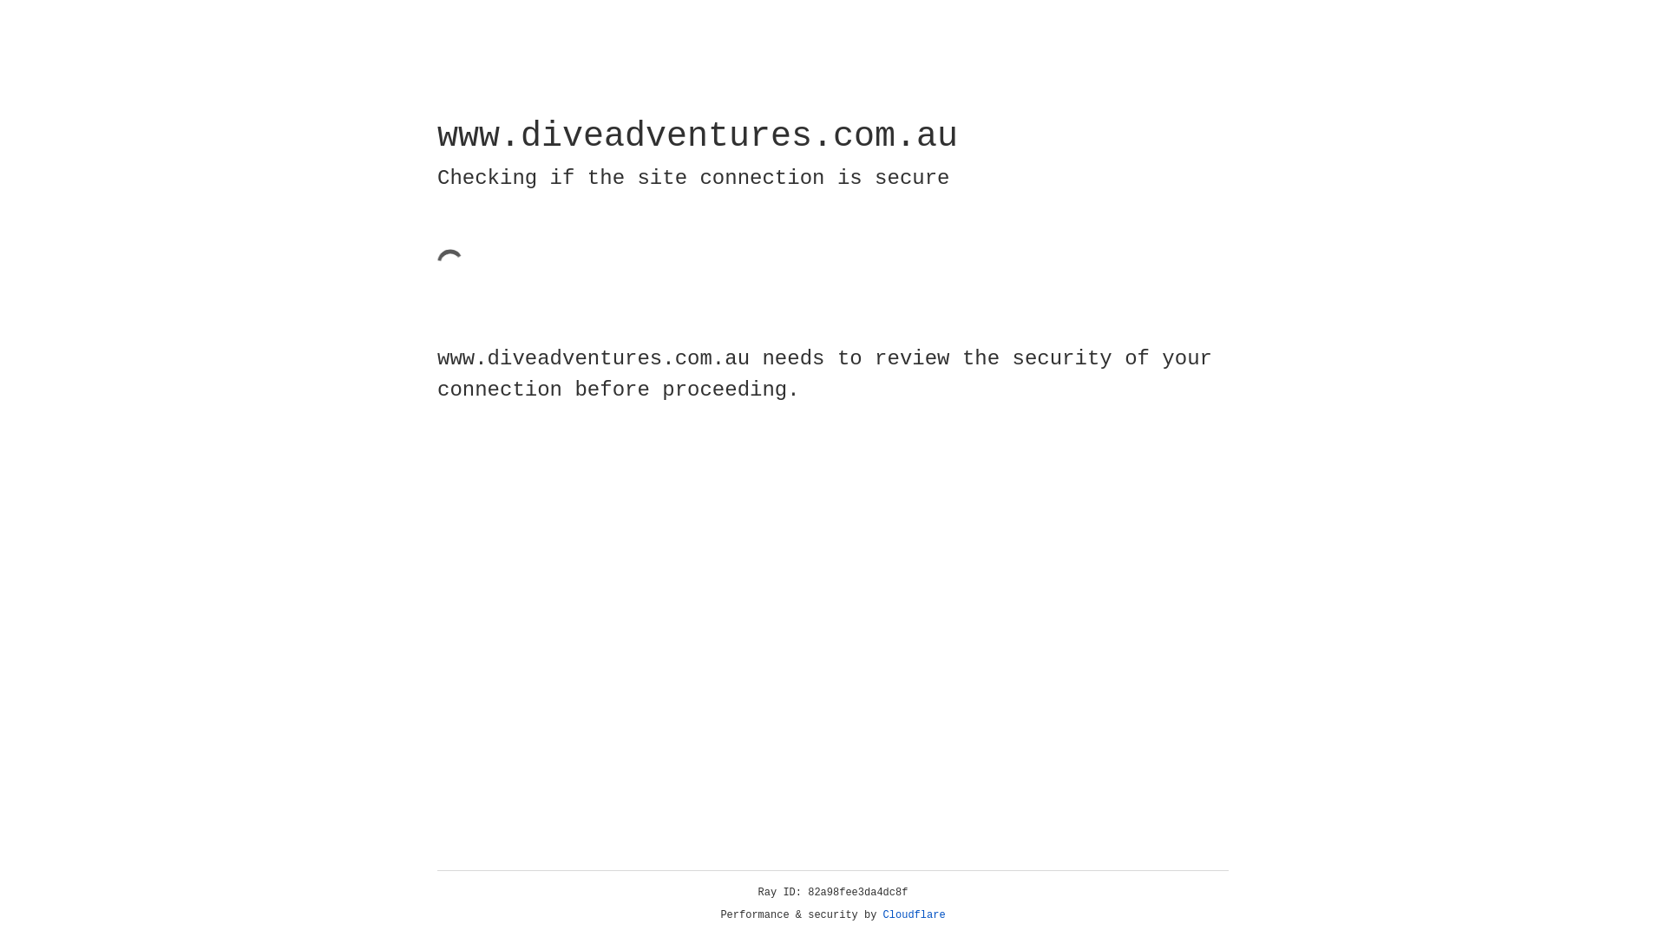  What do you see at coordinates (914, 914) in the screenshot?
I see `'Cloudflare'` at bounding box center [914, 914].